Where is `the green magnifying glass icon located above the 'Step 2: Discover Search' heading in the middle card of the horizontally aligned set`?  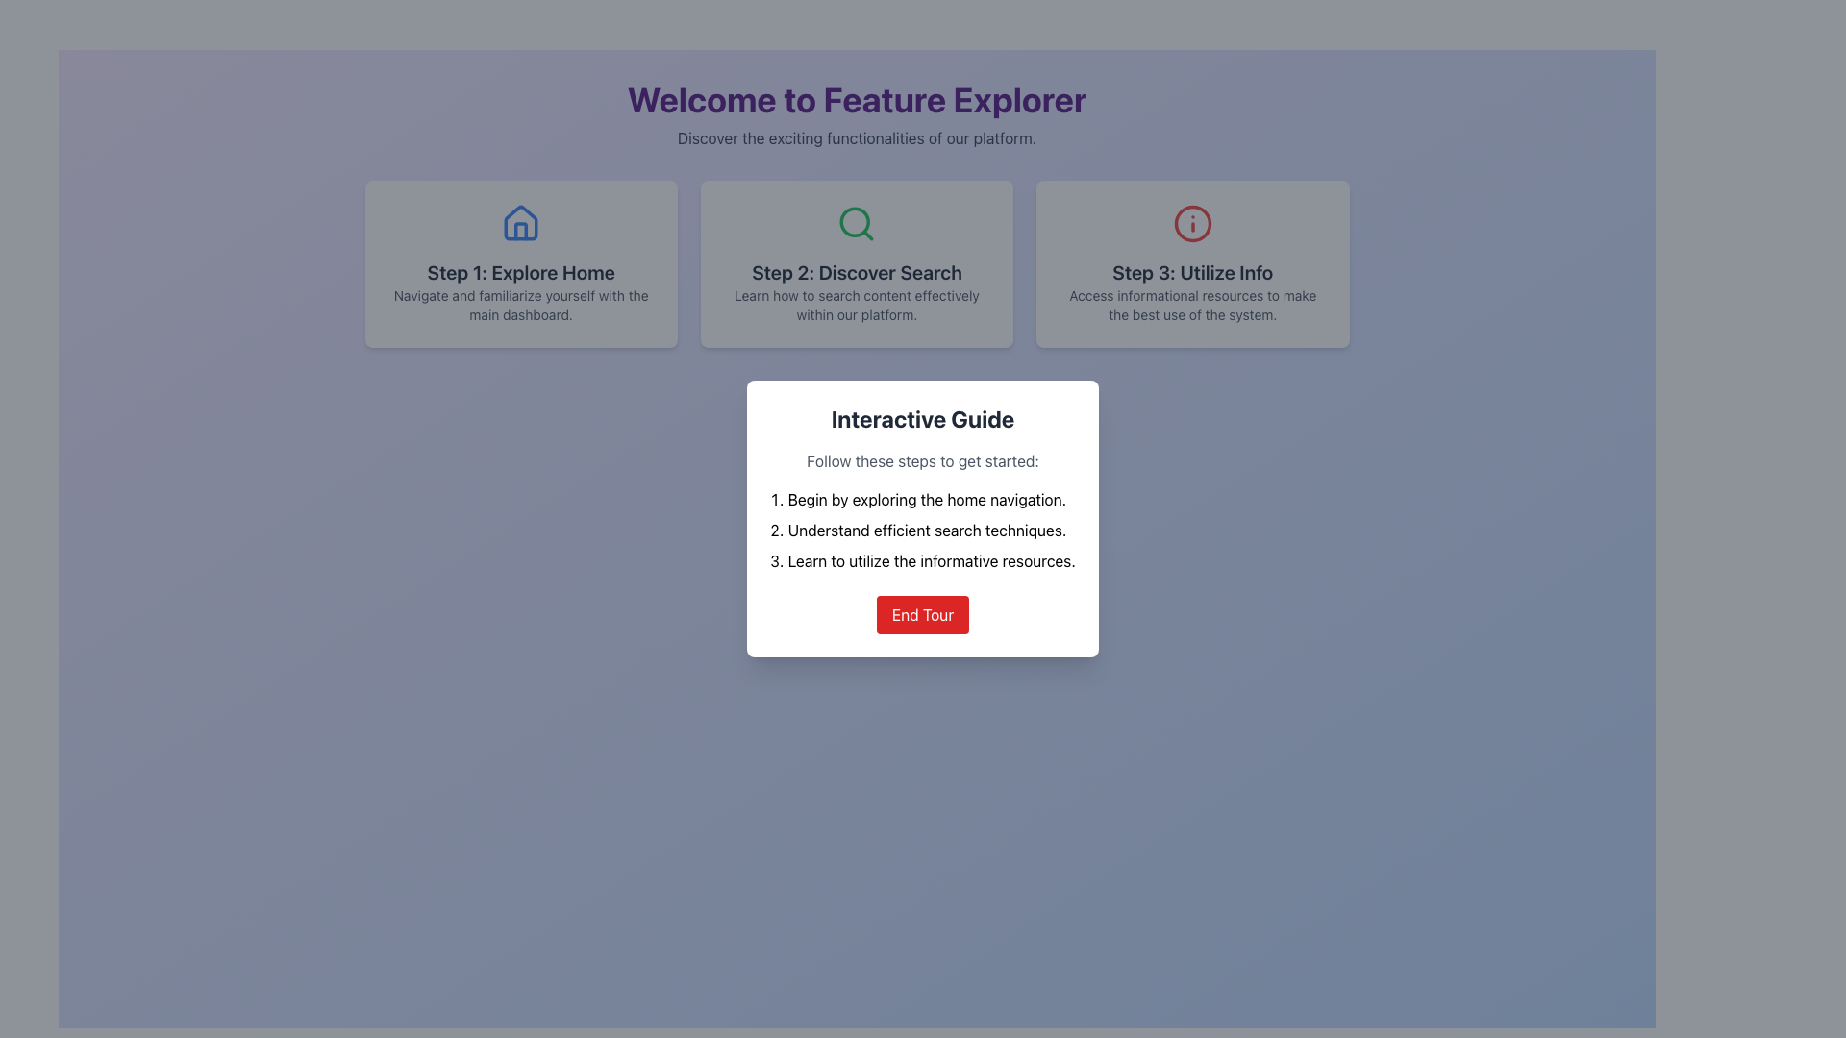 the green magnifying glass icon located above the 'Step 2: Discover Search' heading in the middle card of the horizontally aligned set is located at coordinates (856, 222).